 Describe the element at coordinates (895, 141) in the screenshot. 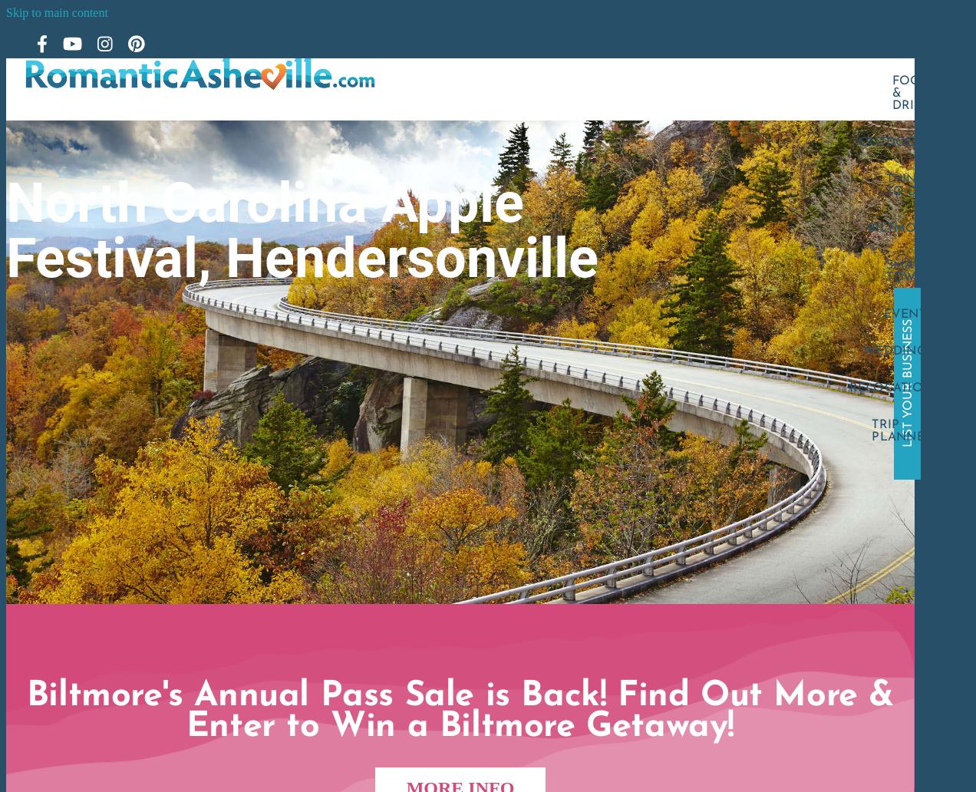

I see `'Outdoors'` at that location.